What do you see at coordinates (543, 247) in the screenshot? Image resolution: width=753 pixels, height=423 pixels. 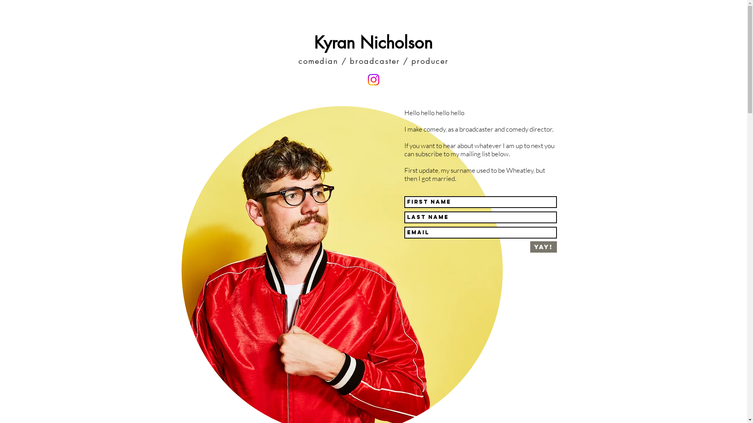 I see `'Yay!'` at bounding box center [543, 247].